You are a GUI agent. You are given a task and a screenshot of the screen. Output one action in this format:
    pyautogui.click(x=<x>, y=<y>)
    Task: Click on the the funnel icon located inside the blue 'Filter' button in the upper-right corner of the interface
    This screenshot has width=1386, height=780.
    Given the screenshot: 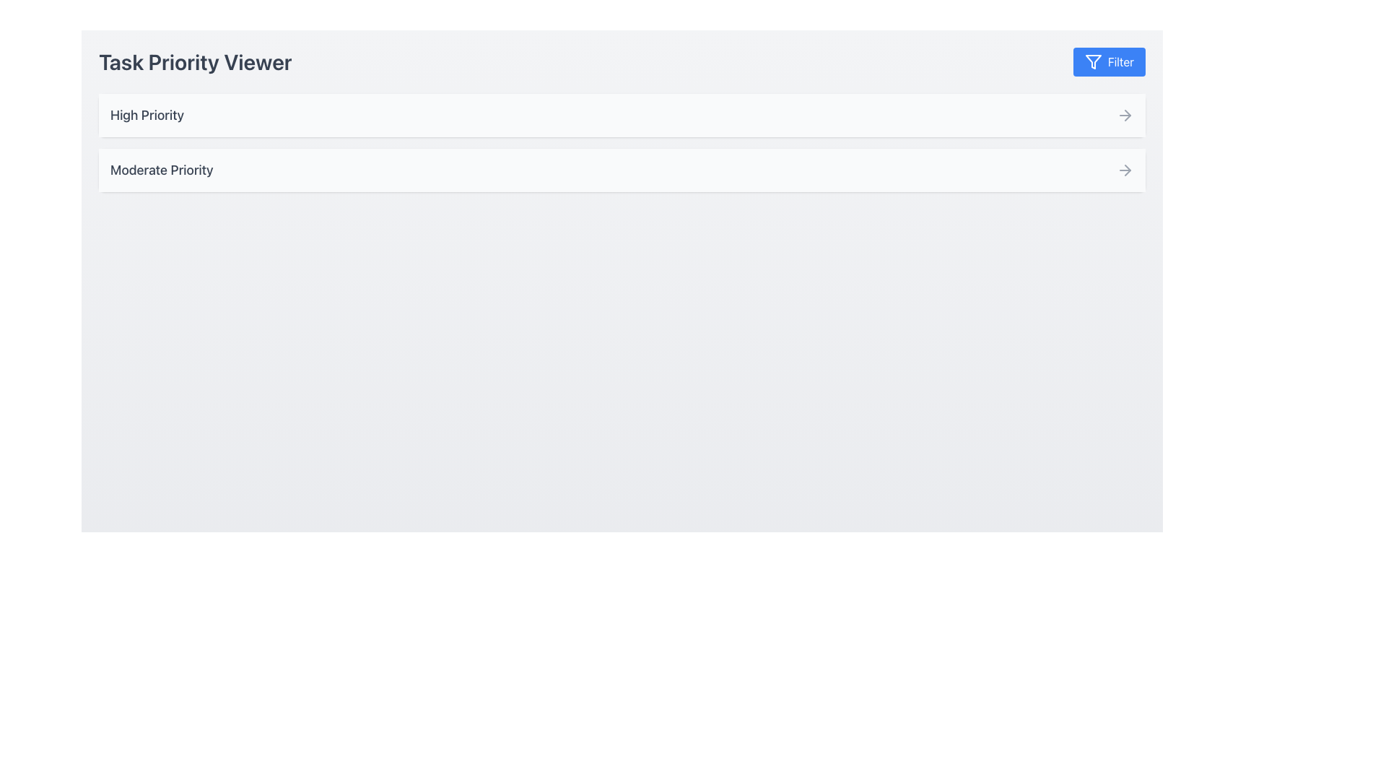 What is the action you would take?
    pyautogui.click(x=1093, y=61)
    